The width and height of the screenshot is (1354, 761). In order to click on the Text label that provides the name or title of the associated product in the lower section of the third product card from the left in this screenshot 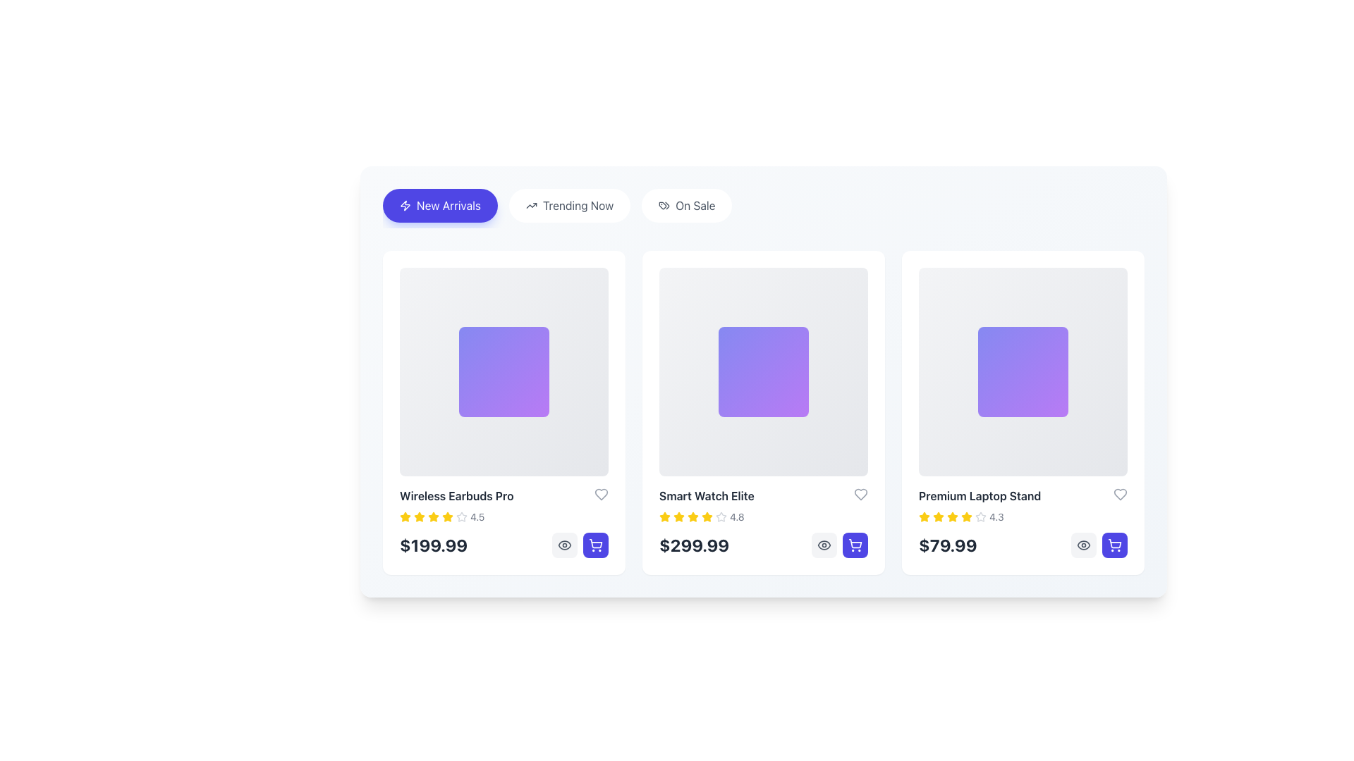, I will do `click(979, 495)`.